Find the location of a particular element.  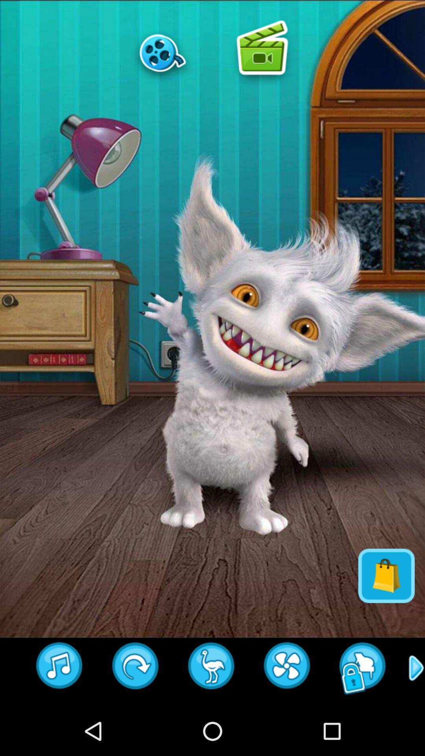

the music icon is located at coordinates (59, 715).